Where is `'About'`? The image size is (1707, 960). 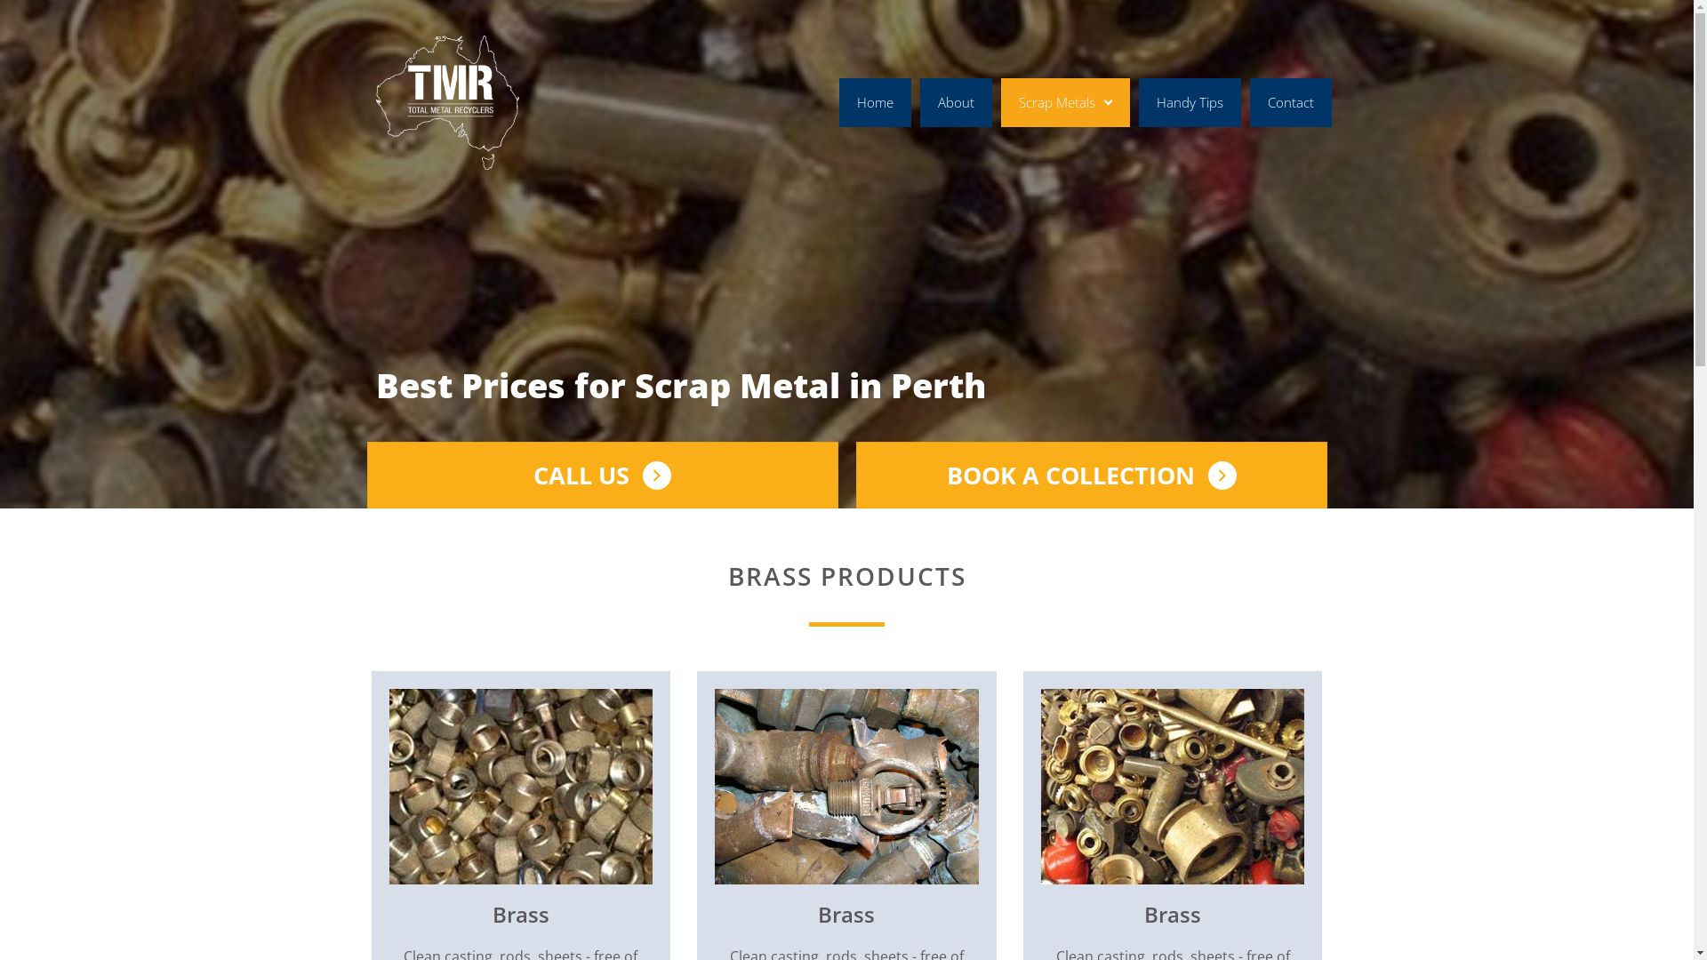 'About' is located at coordinates (955, 102).